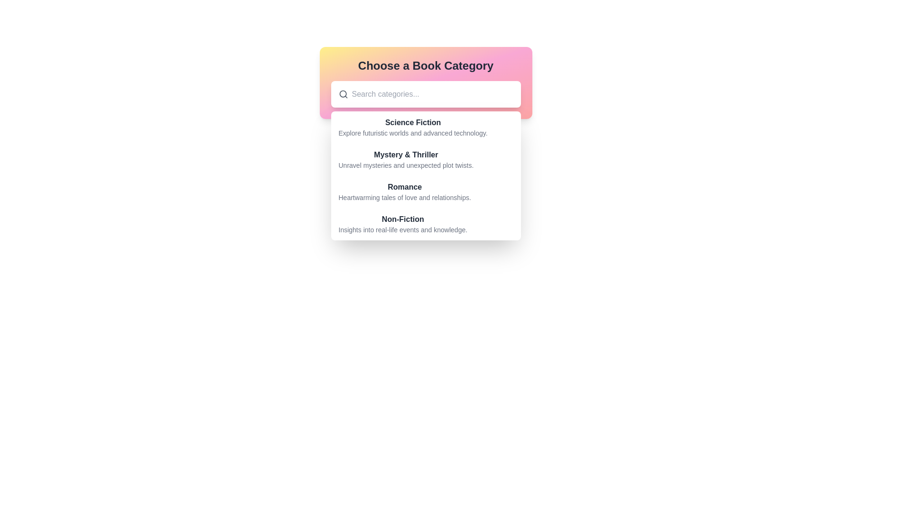  Describe the element at coordinates (425, 127) in the screenshot. I see `the 'Science Fiction' selectable list item` at that location.